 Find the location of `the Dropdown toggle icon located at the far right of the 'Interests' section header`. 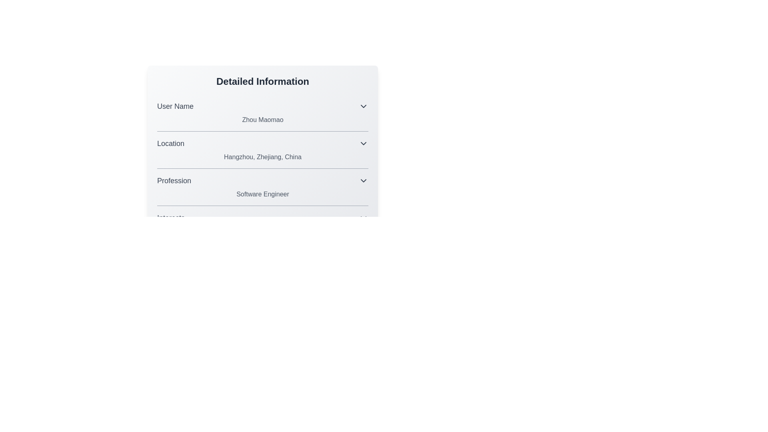

the Dropdown toggle icon located at the far right of the 'Interests' section header is located at coordinates (363, 218).